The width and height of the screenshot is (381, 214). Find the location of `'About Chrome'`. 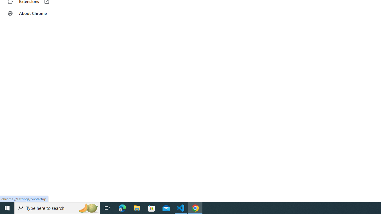

'About Chrome' is located at coordinates (37, 13).